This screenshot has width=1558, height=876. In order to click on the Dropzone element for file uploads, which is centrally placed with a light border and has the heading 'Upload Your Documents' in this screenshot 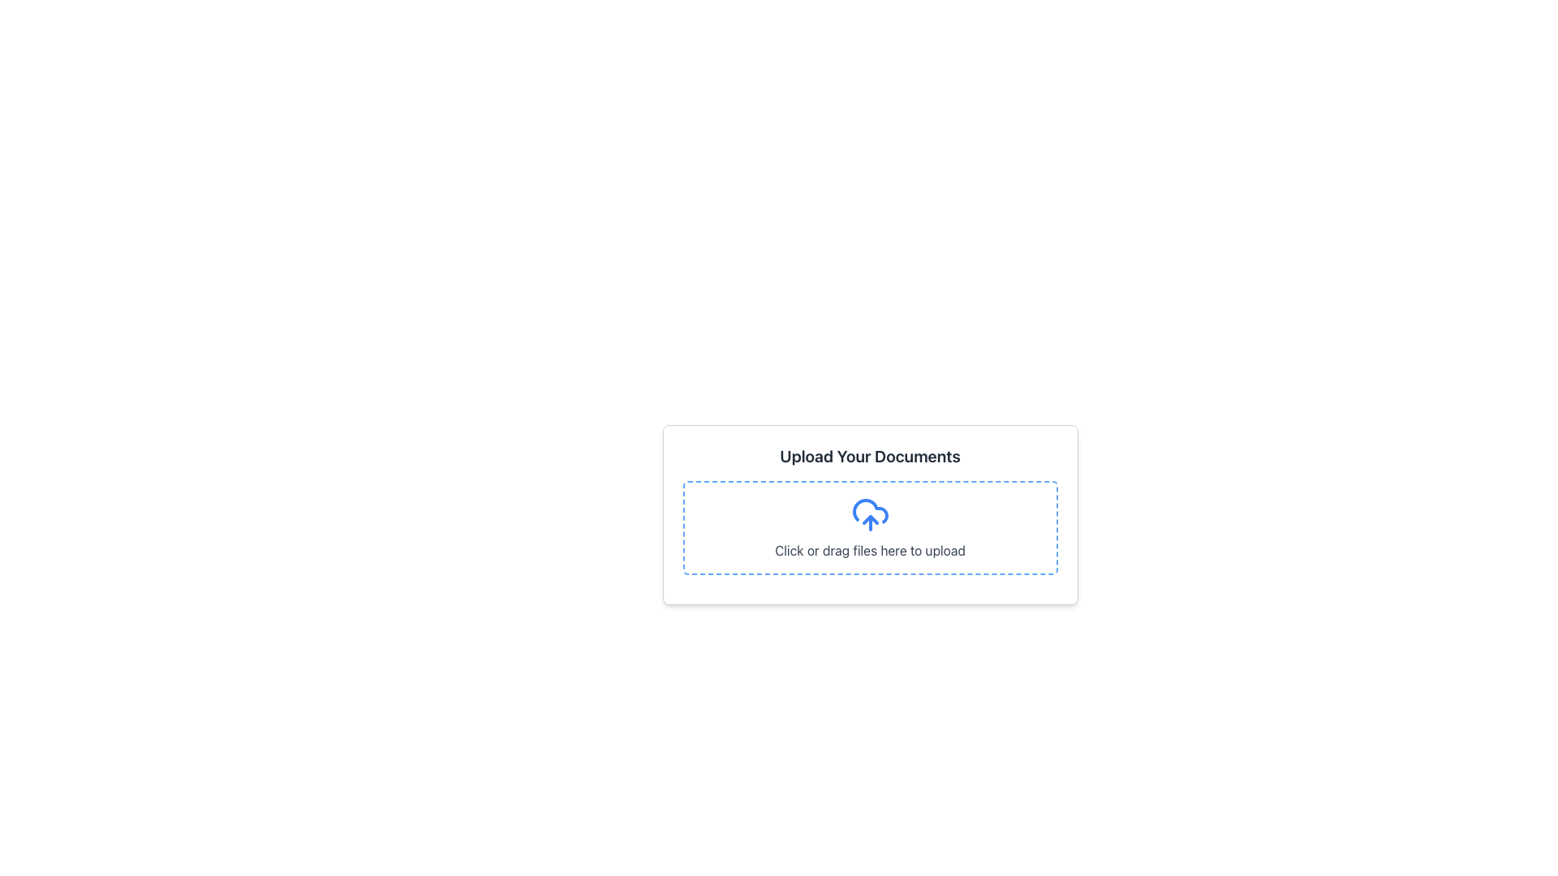, I will do `click(869, 532)`.